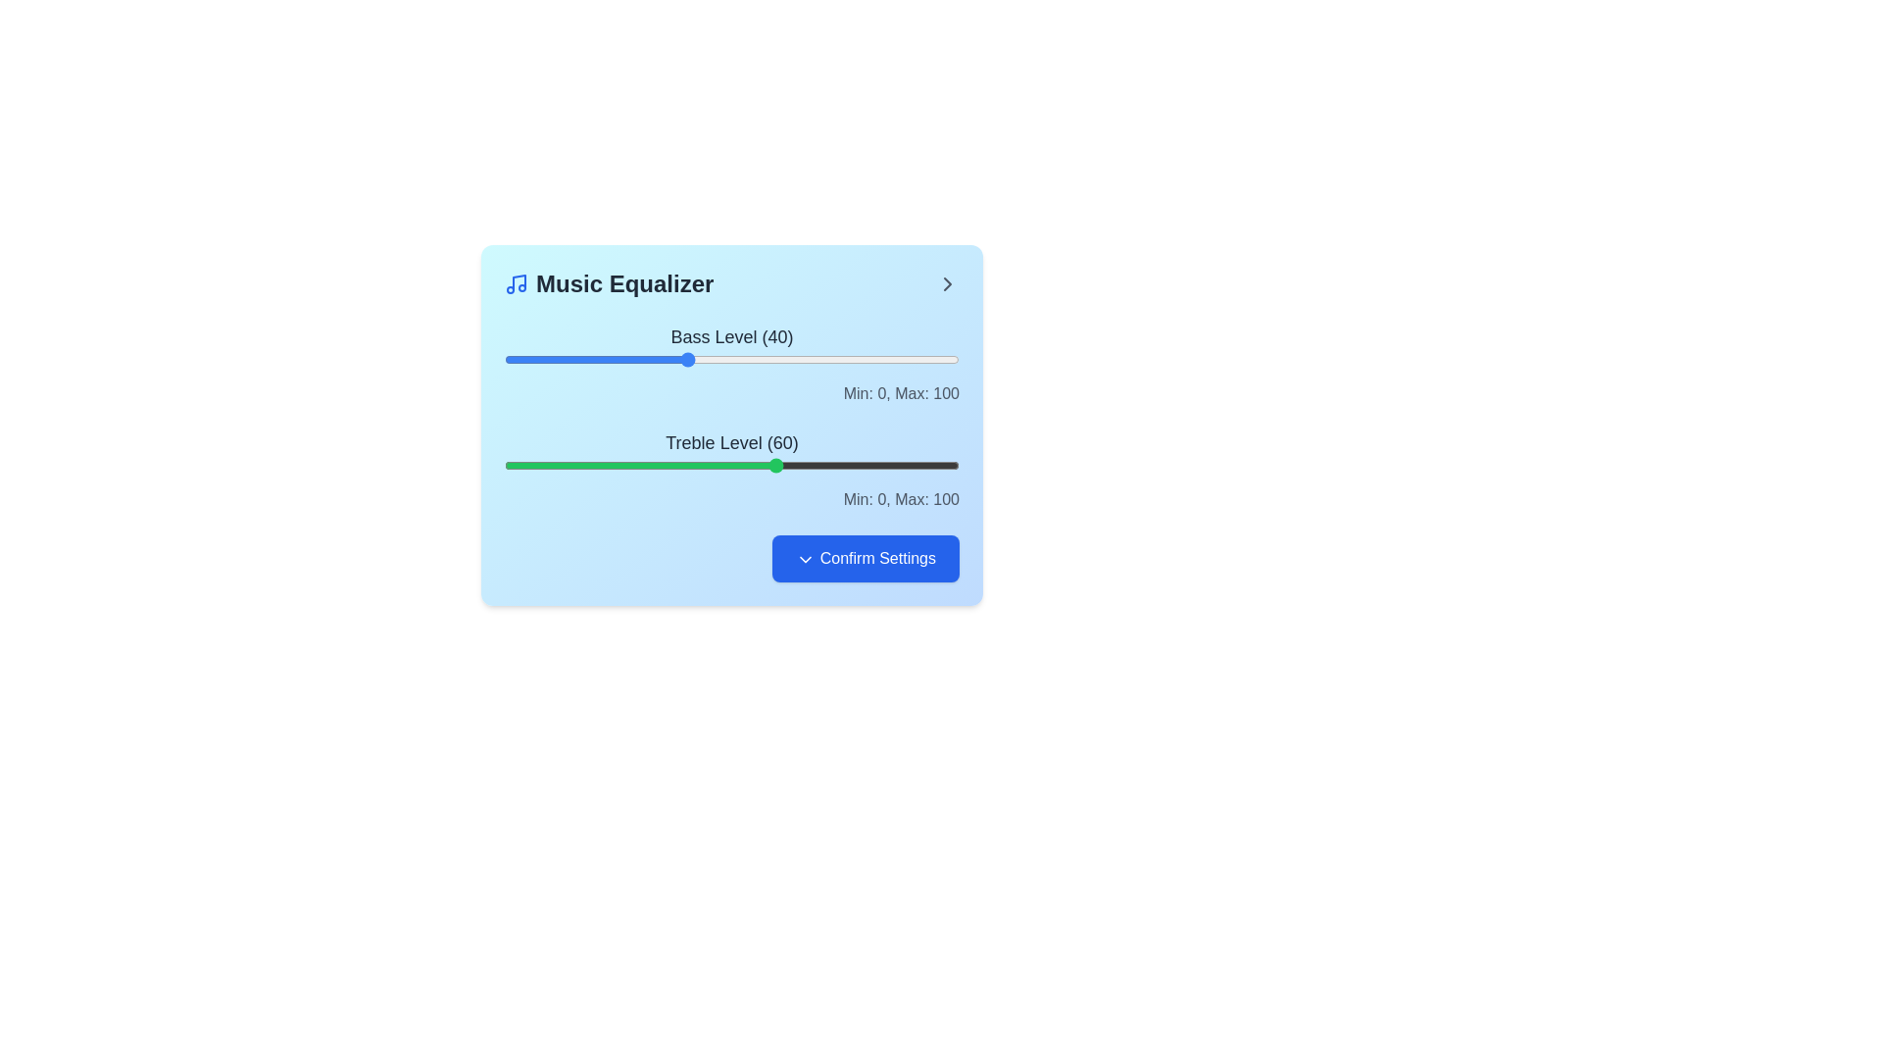  I want to click on the 'Bass Level' label that indicates the current value ('40') and serves as a descriptive label for the bass level slider in the 'Music Equalizer' interface, so click(731, 335).